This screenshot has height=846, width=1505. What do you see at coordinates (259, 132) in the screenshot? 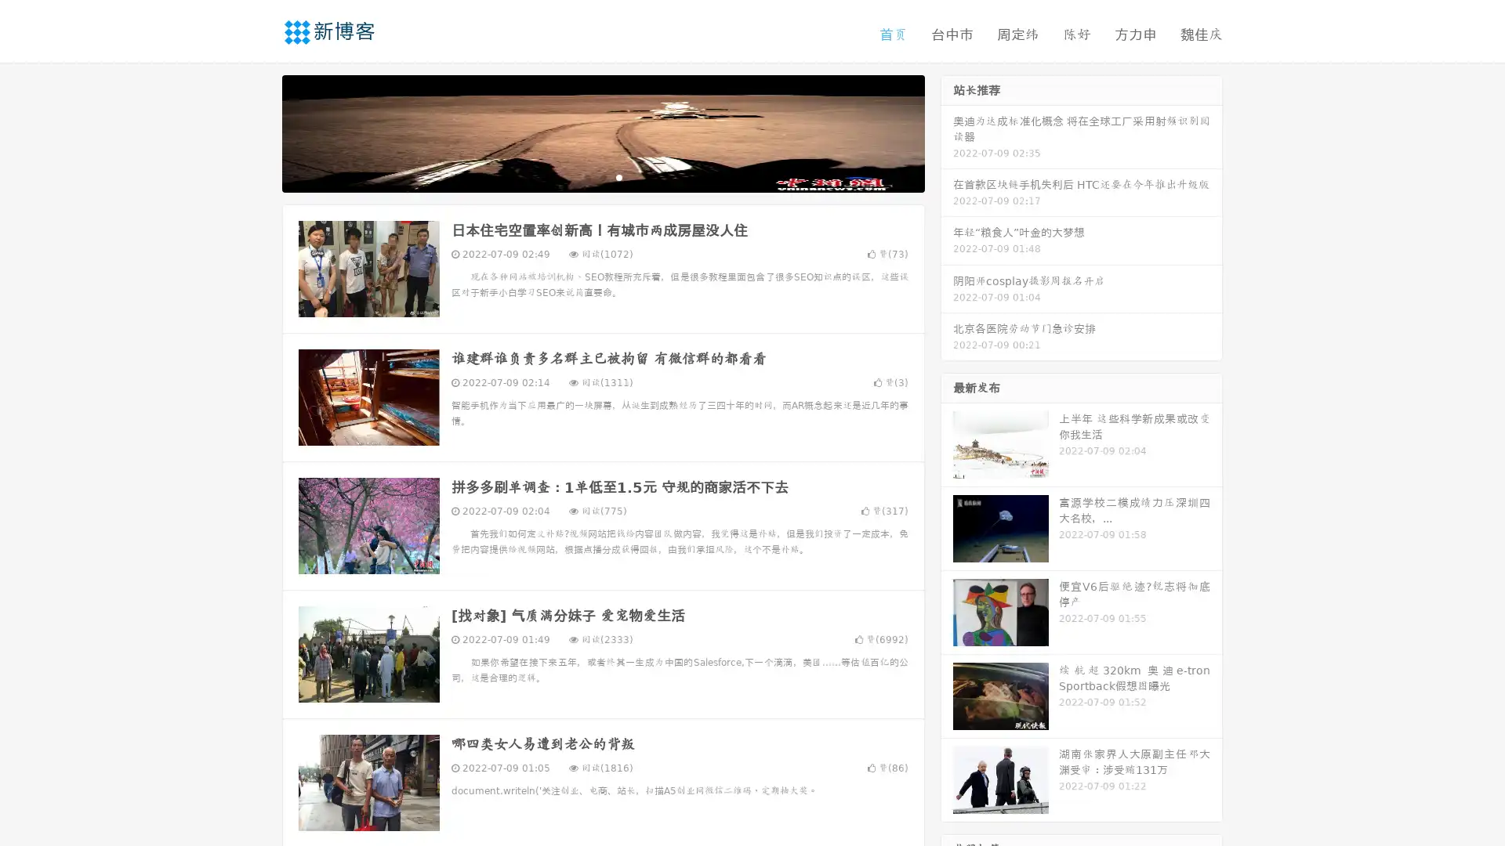
I see `Previous slide` at bounding box center [259, 132].